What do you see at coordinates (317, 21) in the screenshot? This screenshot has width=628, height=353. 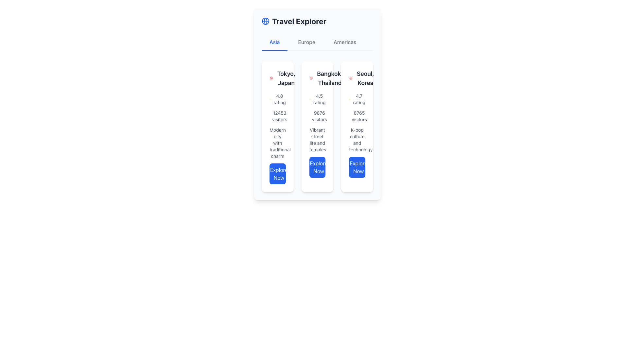 I see `the header element that indicates the section for exploring travel destinations, located at the top of the interface` at bounding box center [317, 21].